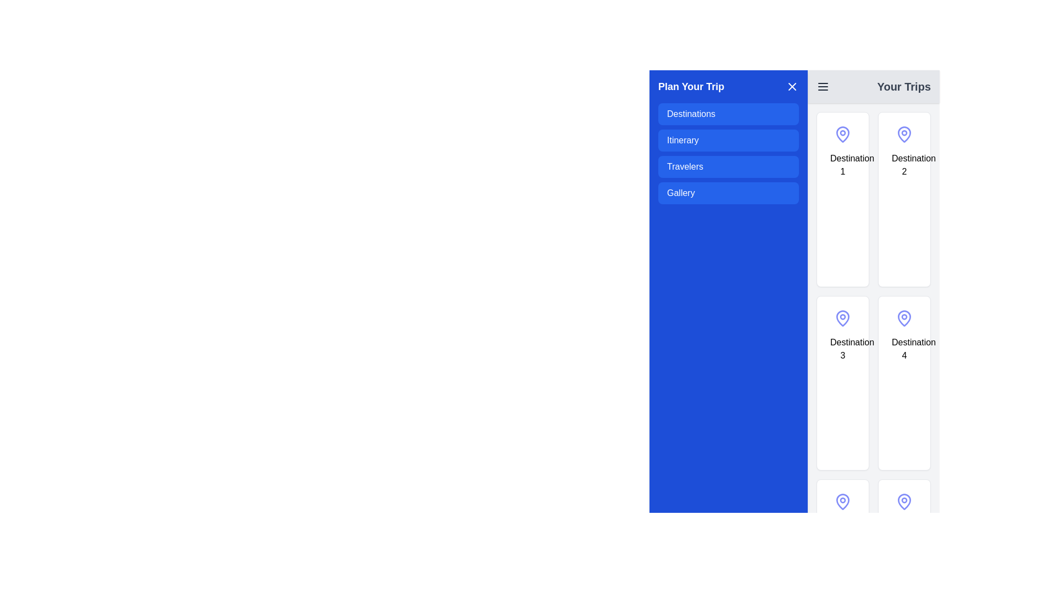 The image size is (1055, 593). I want to click on the location pin icon, which symbolizes a specific location on the destination card in the 'Your Trips' section, located in the fourth row of the grid, so click(842, 502).